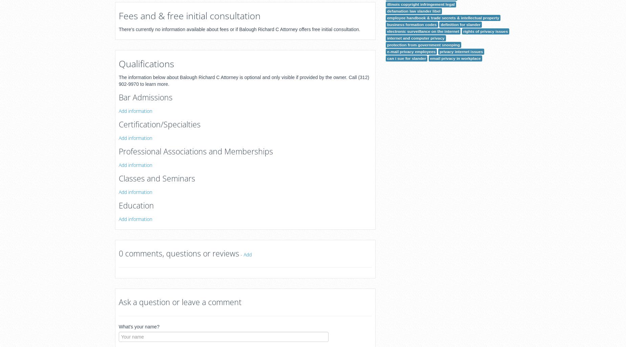 This screenshot has width=626, height=347. I want to click on 'illinois copyright infringement legal', so click(420, 4).